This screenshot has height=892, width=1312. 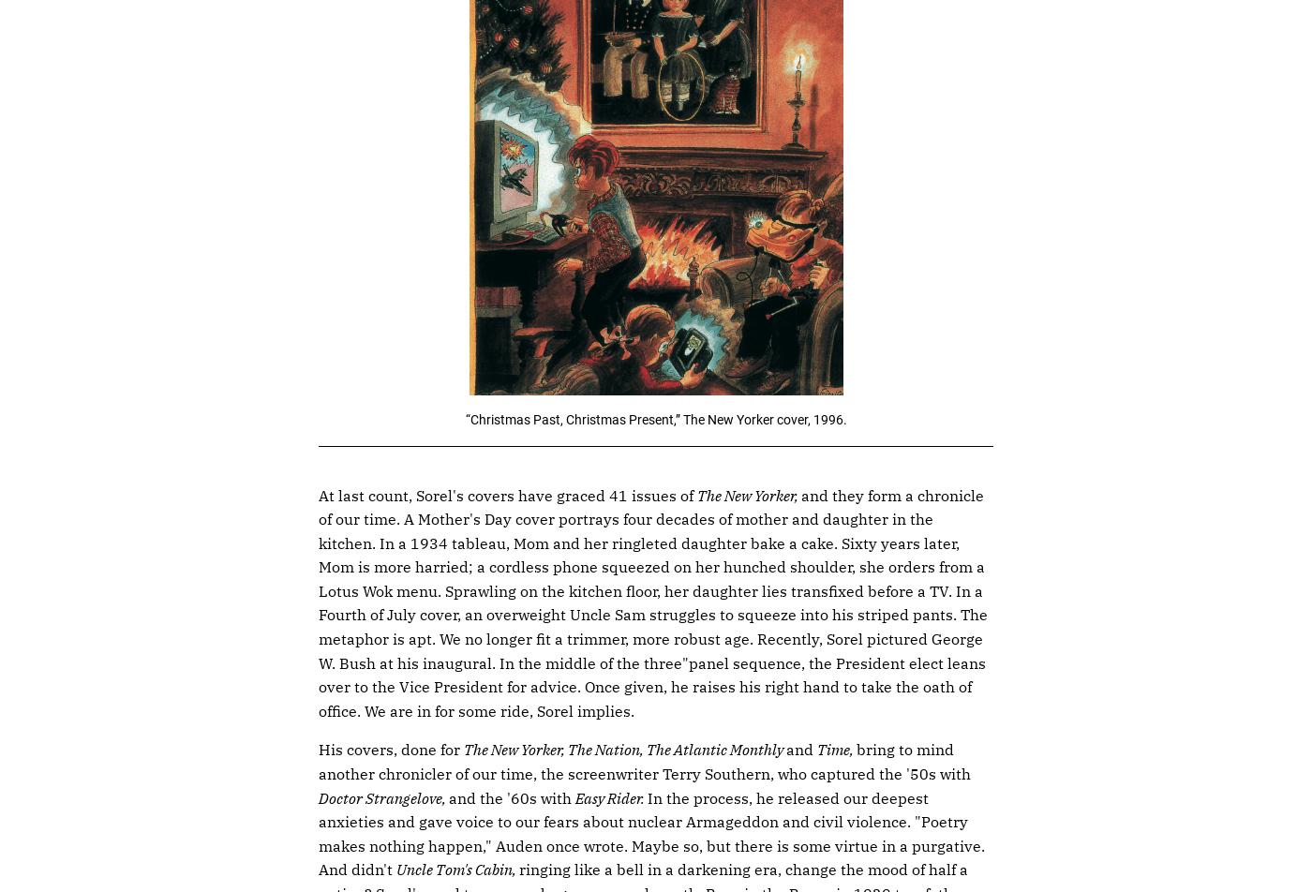 What do you see at coordinates (383, 796) in the screenshot?
I see `'Doctor Strangelove,'` at bounding box center [383, 796].